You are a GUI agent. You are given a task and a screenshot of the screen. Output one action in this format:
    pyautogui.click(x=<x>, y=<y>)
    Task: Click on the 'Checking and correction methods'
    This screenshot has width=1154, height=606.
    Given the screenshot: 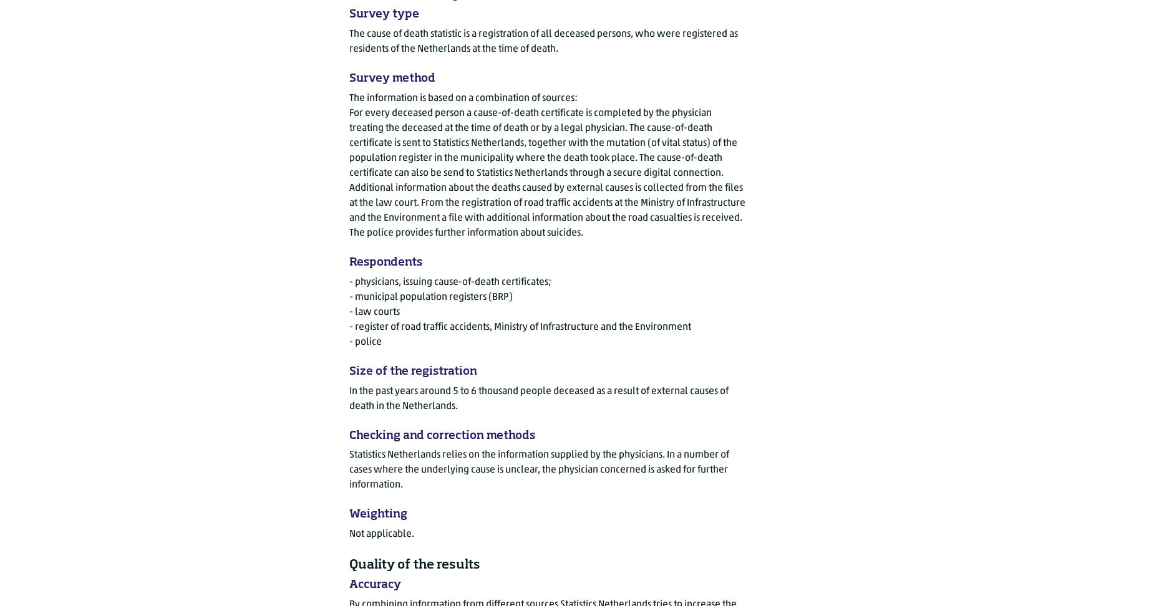 What is the action you would take?
    pyautogui.click(x=442, y=434)
    